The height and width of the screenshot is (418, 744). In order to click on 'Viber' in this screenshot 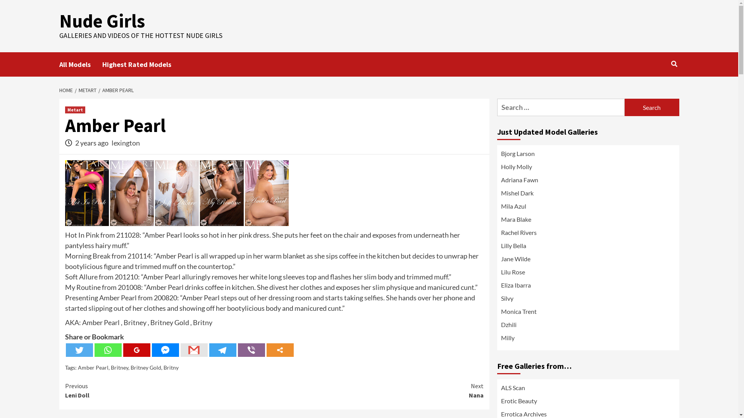, I will do `click(251, 350)`.